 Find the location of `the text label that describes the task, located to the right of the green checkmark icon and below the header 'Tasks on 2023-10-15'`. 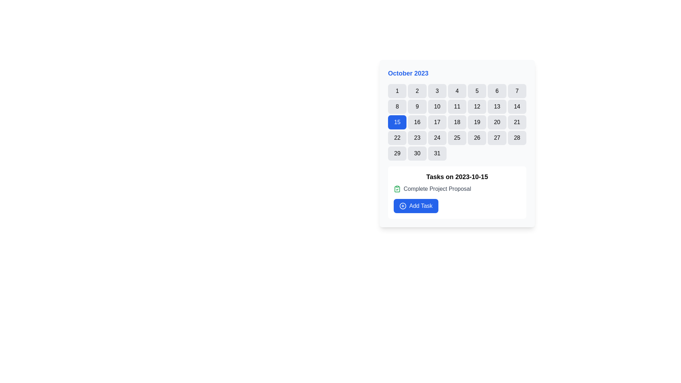

the text label that describes the task, located to the right of the green checkmark icon and below the header 'Tasks on 2023-10-15' is located at coordinates (437, 188).